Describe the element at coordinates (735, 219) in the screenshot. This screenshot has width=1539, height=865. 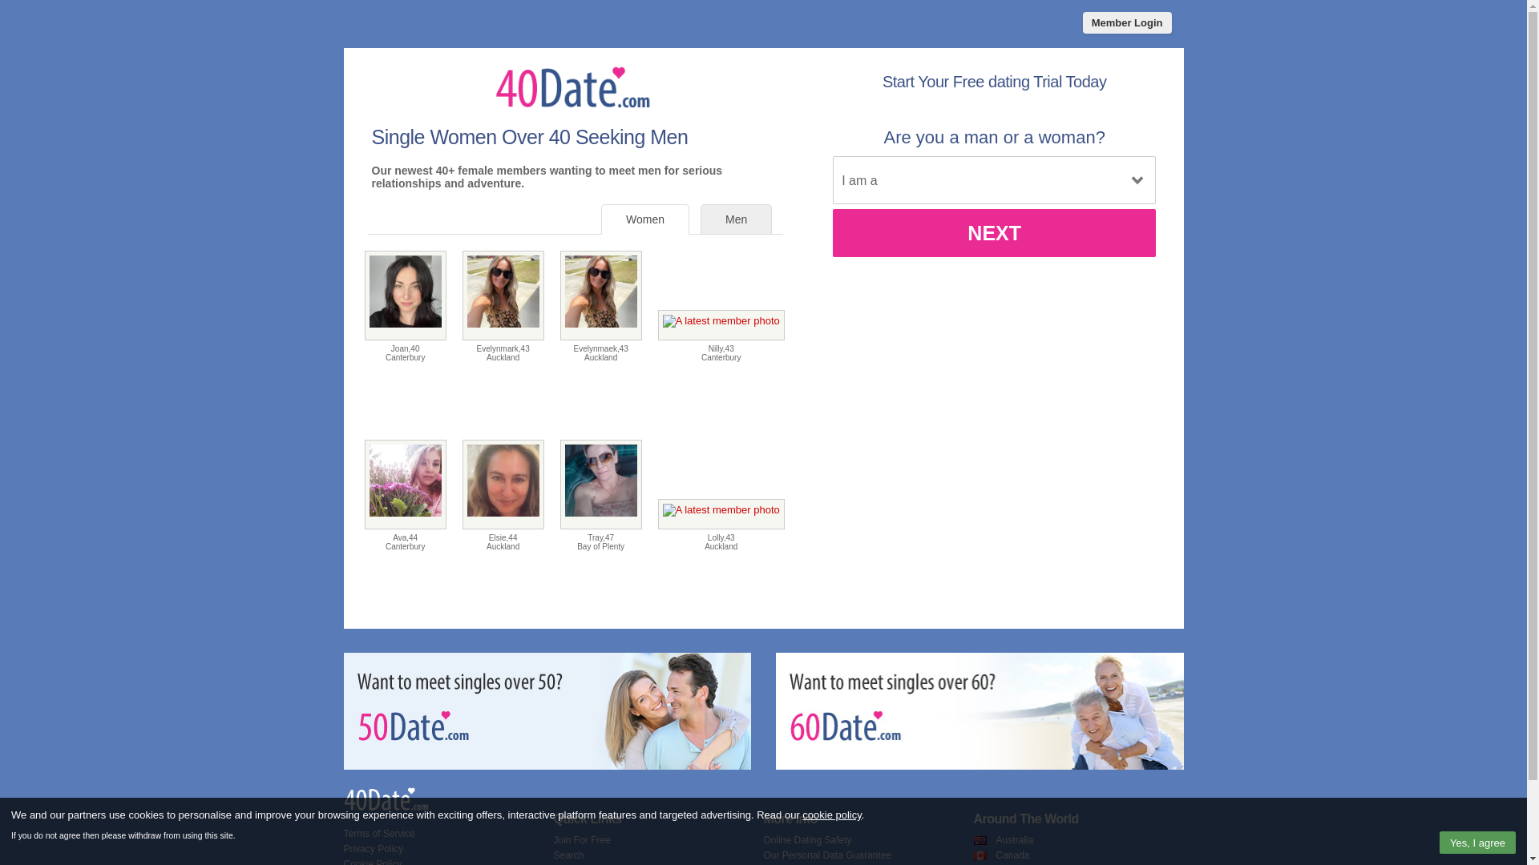
I see `'Men'` at that location.